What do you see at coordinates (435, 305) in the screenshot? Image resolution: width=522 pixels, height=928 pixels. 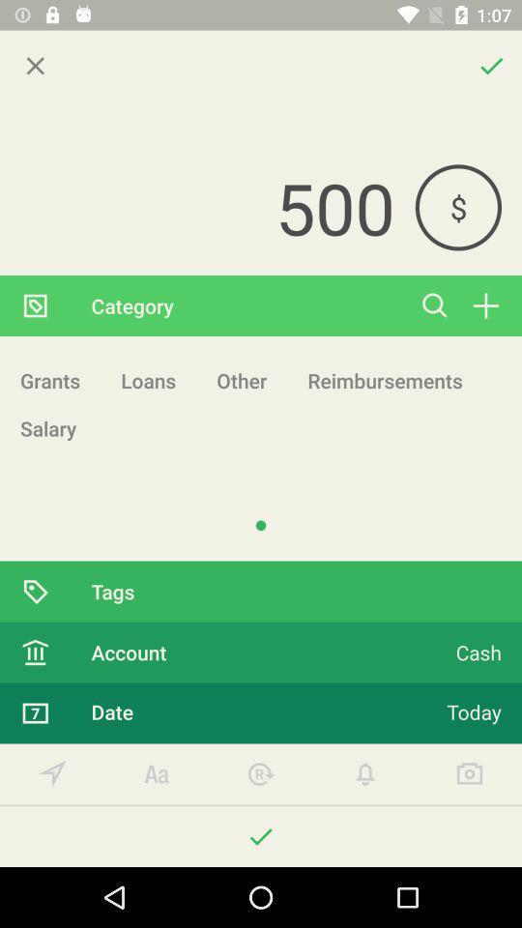 I see `the search icon` at bounding box center [435, 305].